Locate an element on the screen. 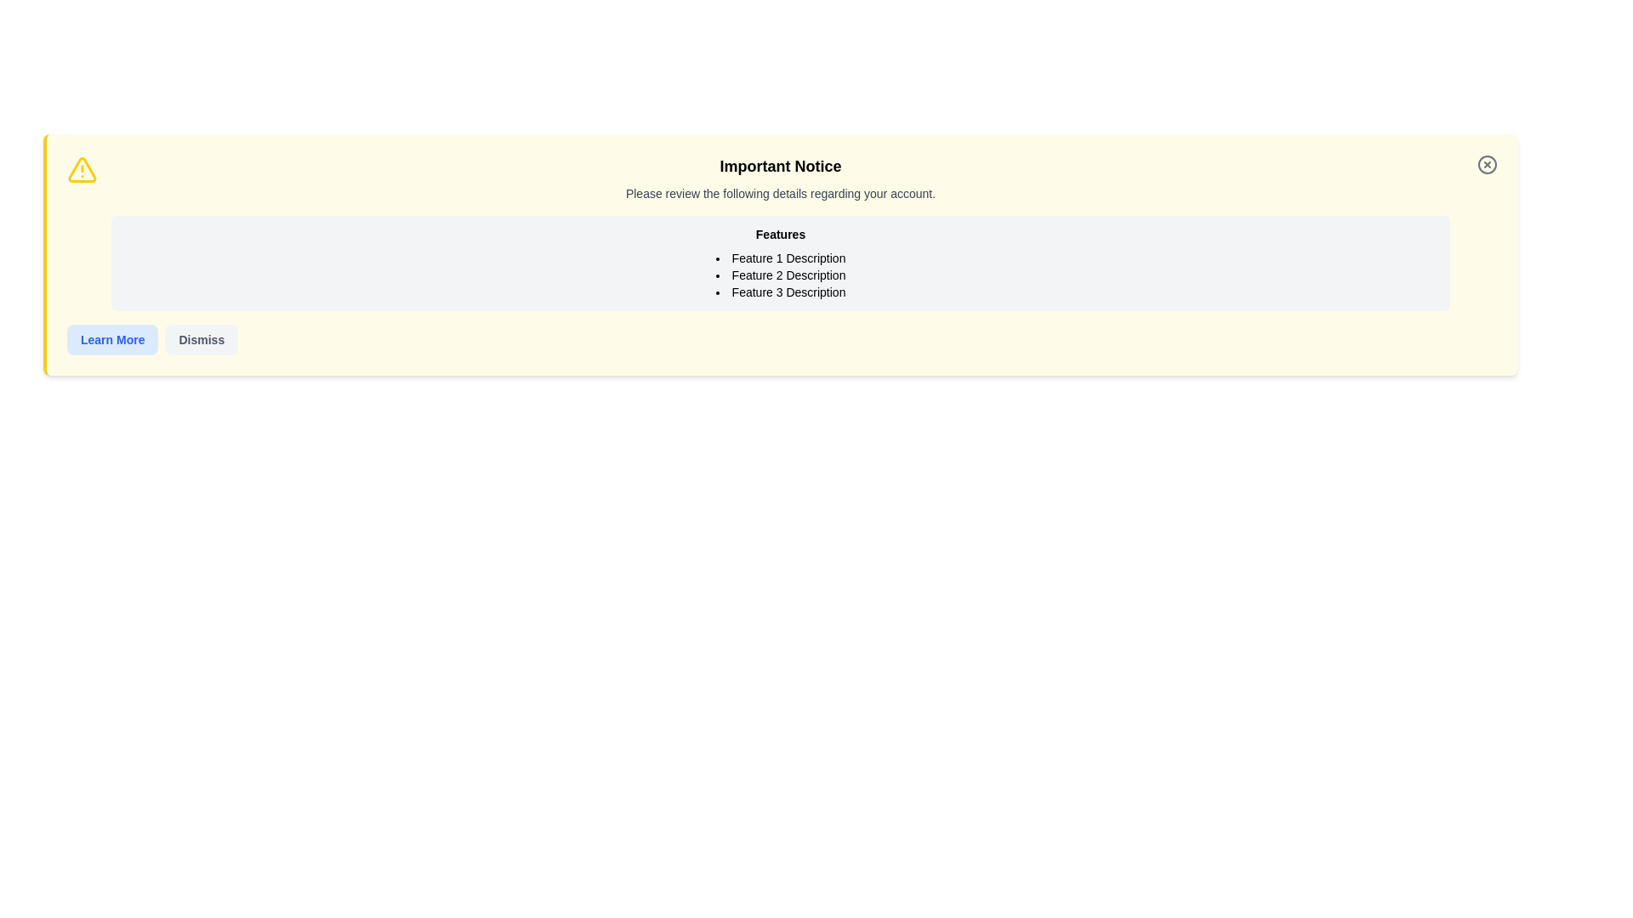 The width and height of the screenshot is (1633, 918). the bulleted list containing 'Feature 1 Description', 'Feature 2 Description', and 'Feature 3 Description' for accessibility navigation is located at coordinates (779, 275).